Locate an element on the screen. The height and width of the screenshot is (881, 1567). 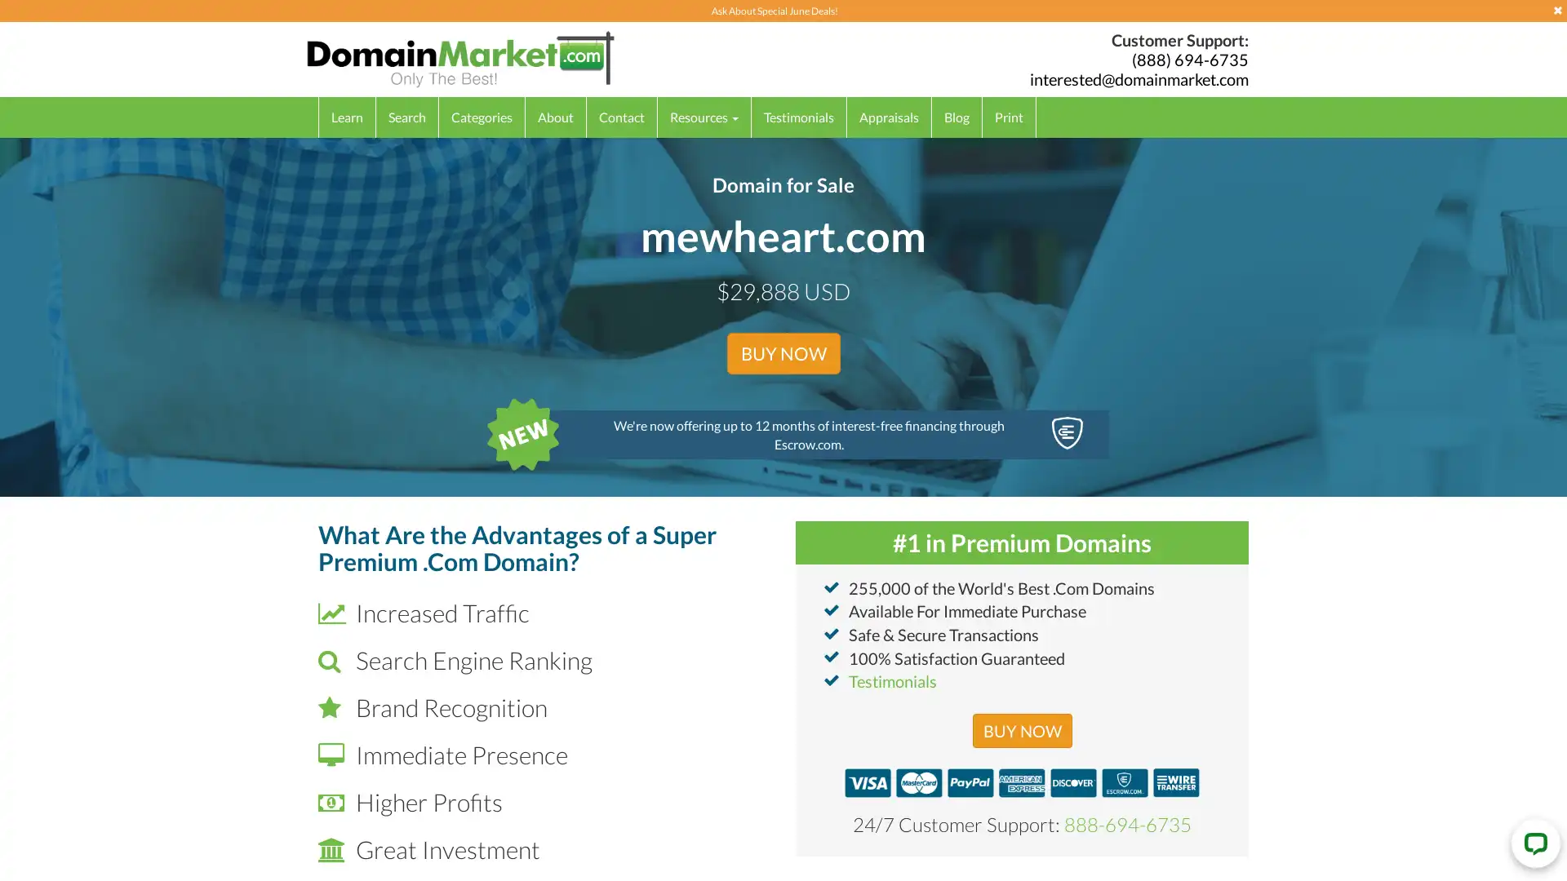
Resources is located at coordinates (704, 116).